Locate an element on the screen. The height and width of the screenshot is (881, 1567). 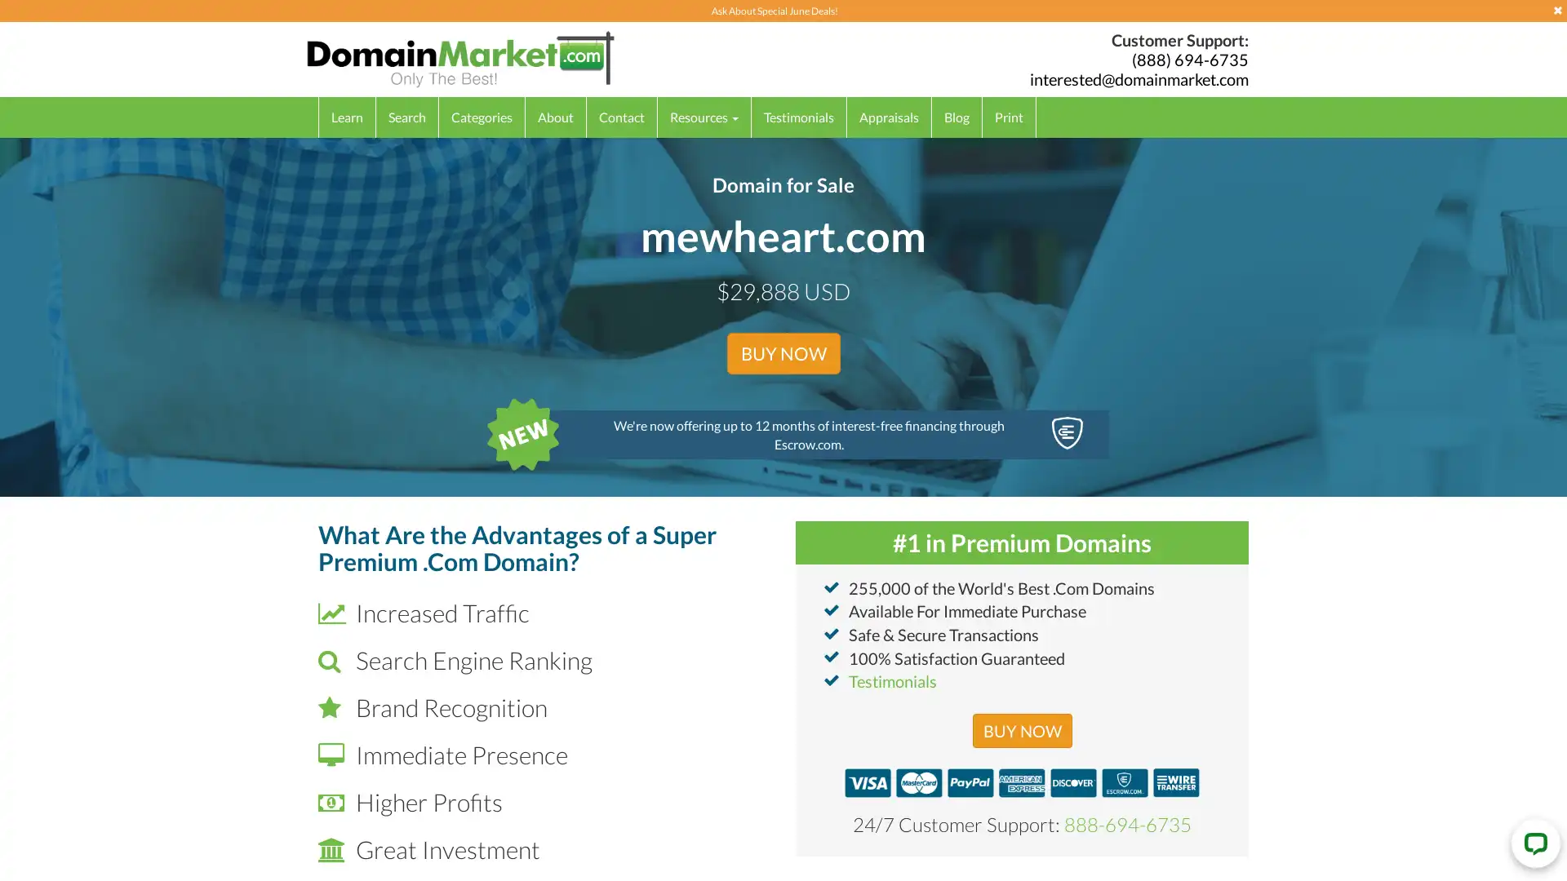
Resources is located at coordinates (704, 116).